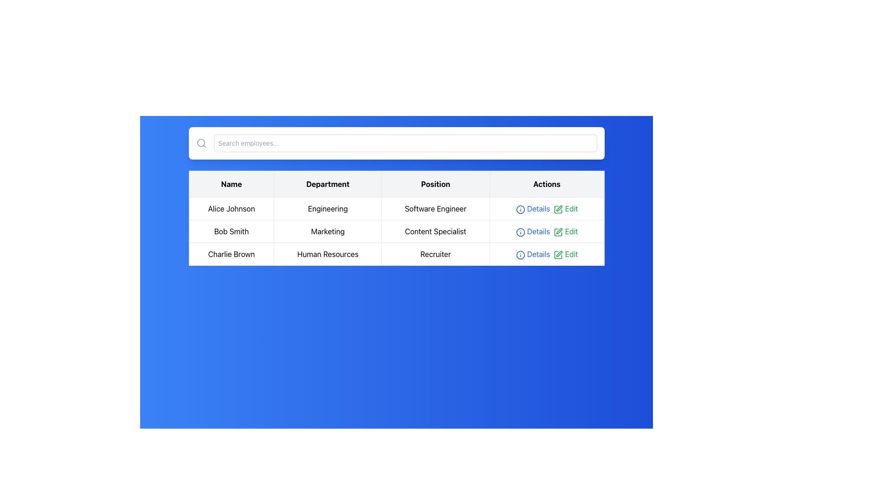 Image resolution: width=891 pixels, height=501 pixels. Describe the element at coordinates (520, 209) in the screenshot. I see `the visual indicator icon associated with the 'Details' text link in the first row of the table for 'Alice Johnson' under the 'Name' column` at that location.